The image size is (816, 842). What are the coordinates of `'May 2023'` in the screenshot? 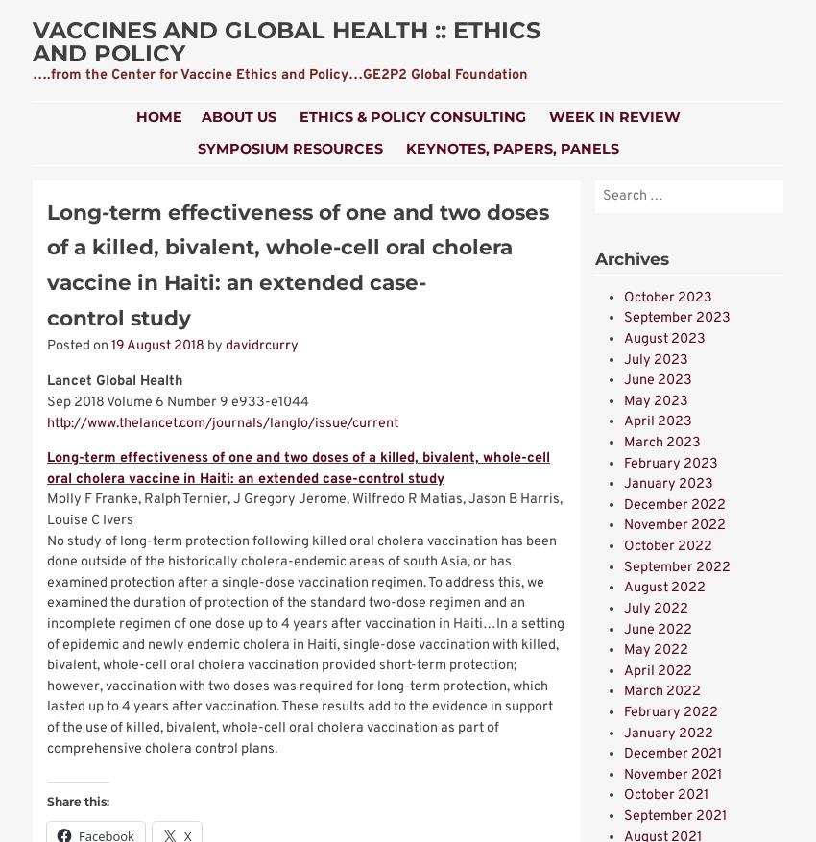 It's located at (655, 399).